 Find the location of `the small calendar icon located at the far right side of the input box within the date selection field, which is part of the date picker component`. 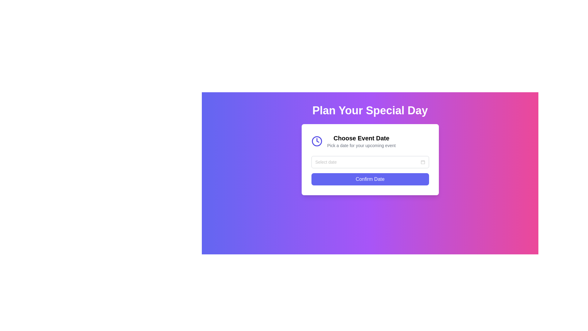

the small calendar icon located at the far right side of the input box within the date selection field, which is part of the date picker component is located at coordinates (422, 162).